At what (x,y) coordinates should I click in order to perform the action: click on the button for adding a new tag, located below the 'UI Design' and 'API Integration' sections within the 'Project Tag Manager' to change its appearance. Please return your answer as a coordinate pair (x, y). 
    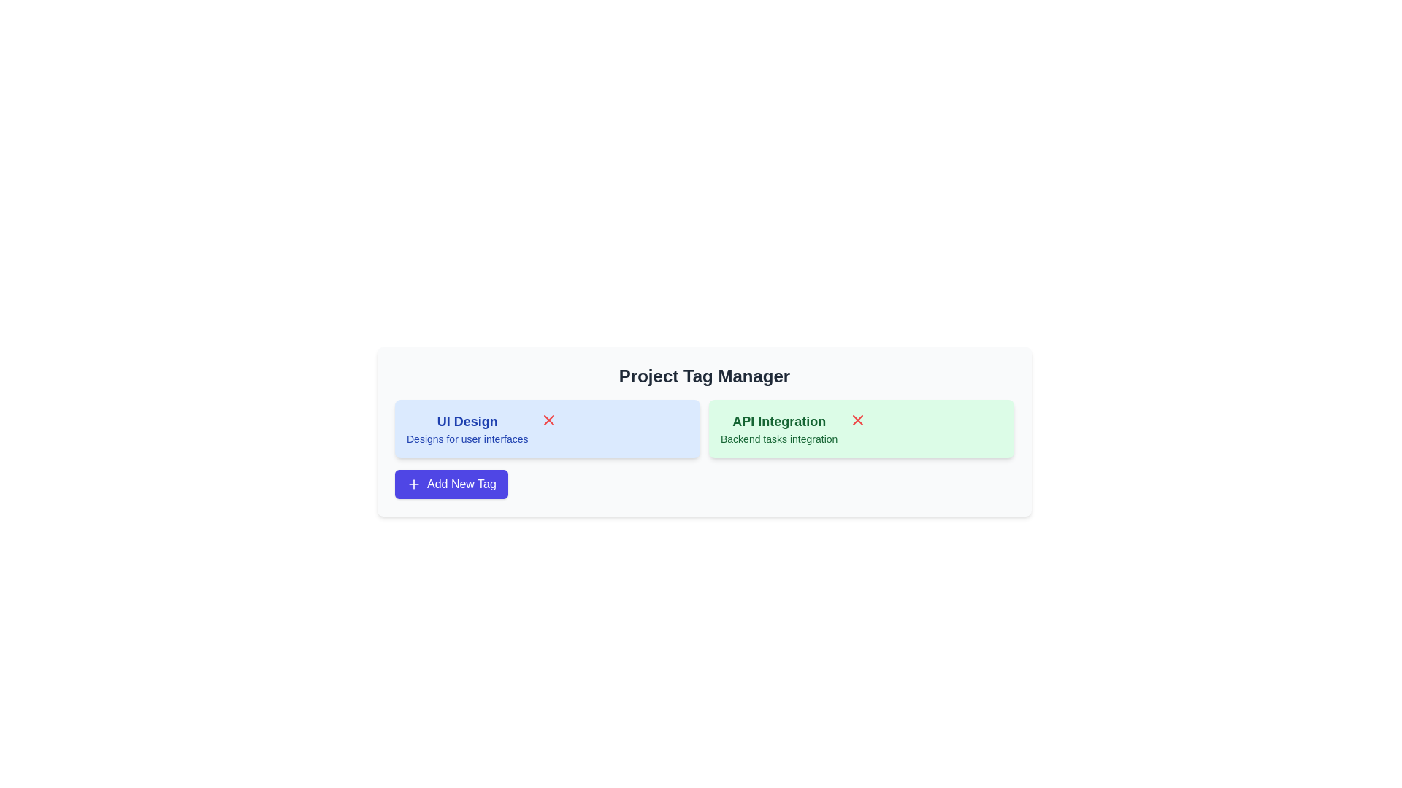
    Looking at the image, I should click on (451, 484).